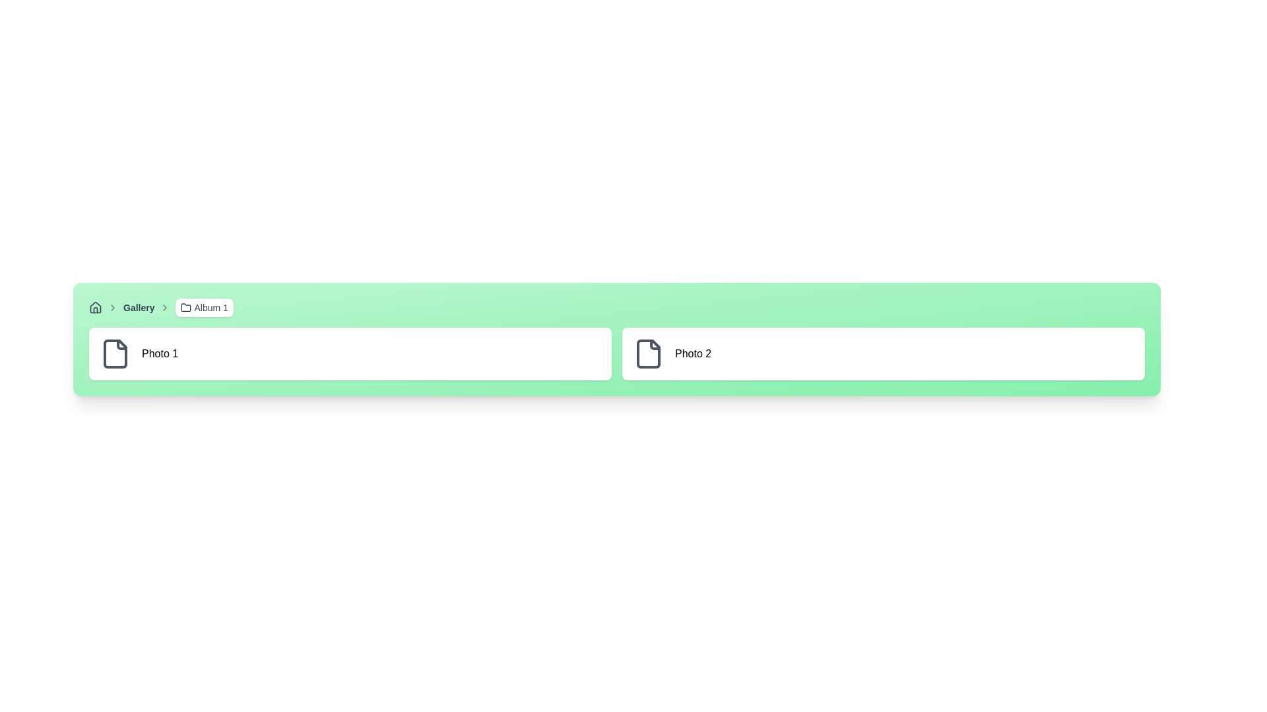  I want to click on the 'Photo 2' card in the second column of the grid, so click(884, 353).